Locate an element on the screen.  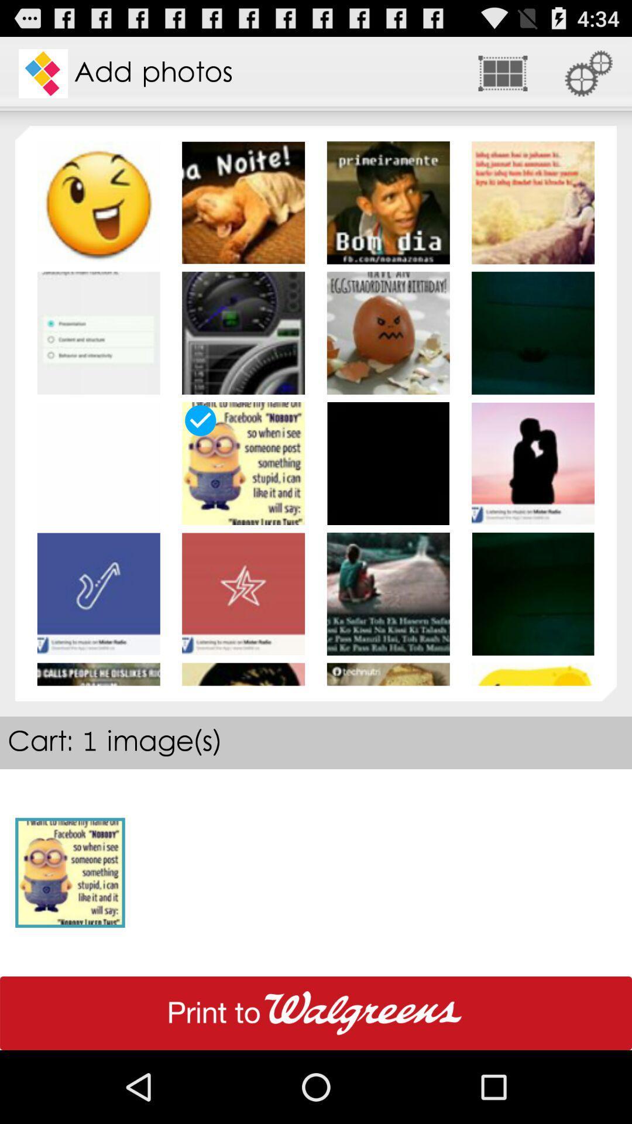
the symbol star in the fourth row second column is located at coordinates (243, 594).